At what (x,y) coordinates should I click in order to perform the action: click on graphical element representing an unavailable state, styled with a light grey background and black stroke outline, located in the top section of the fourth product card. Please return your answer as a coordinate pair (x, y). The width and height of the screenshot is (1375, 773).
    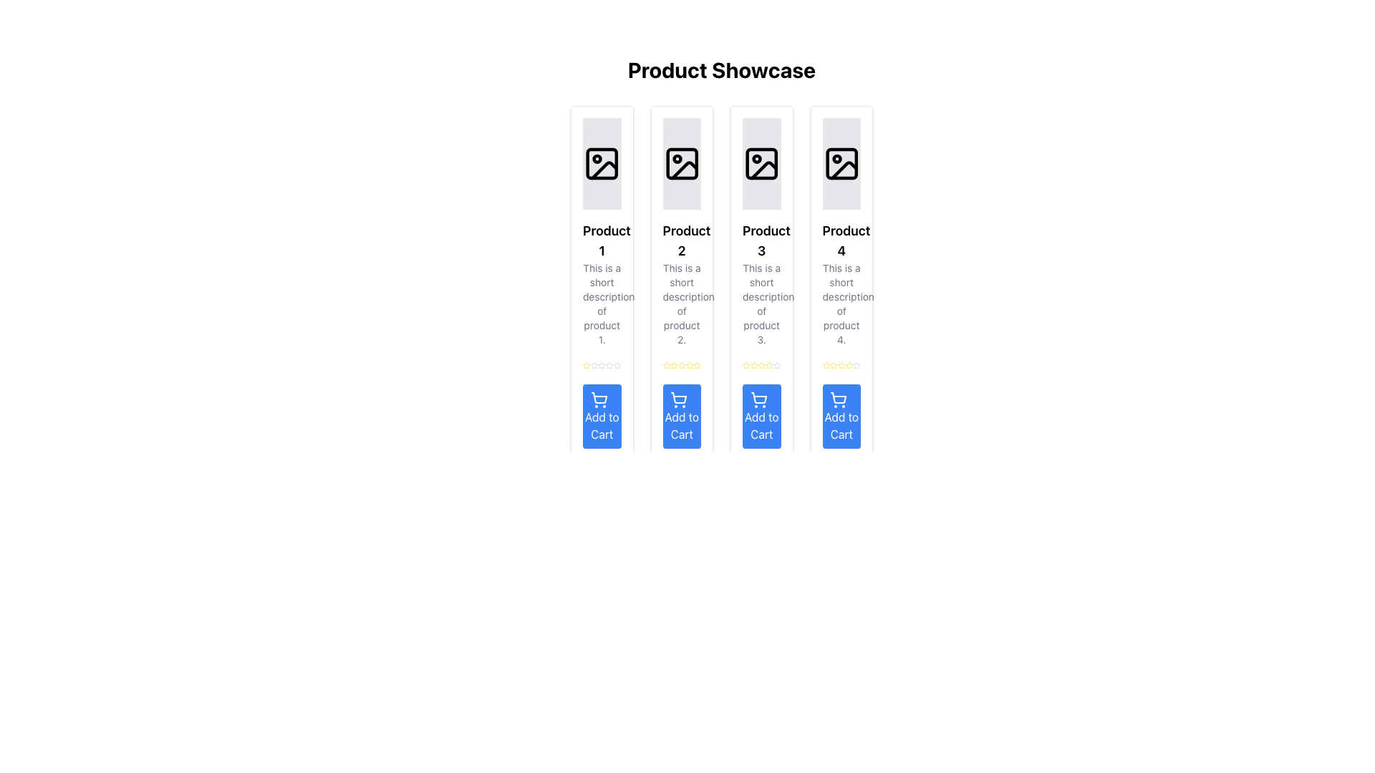
    Looking at the image, I should click on (844, 170).